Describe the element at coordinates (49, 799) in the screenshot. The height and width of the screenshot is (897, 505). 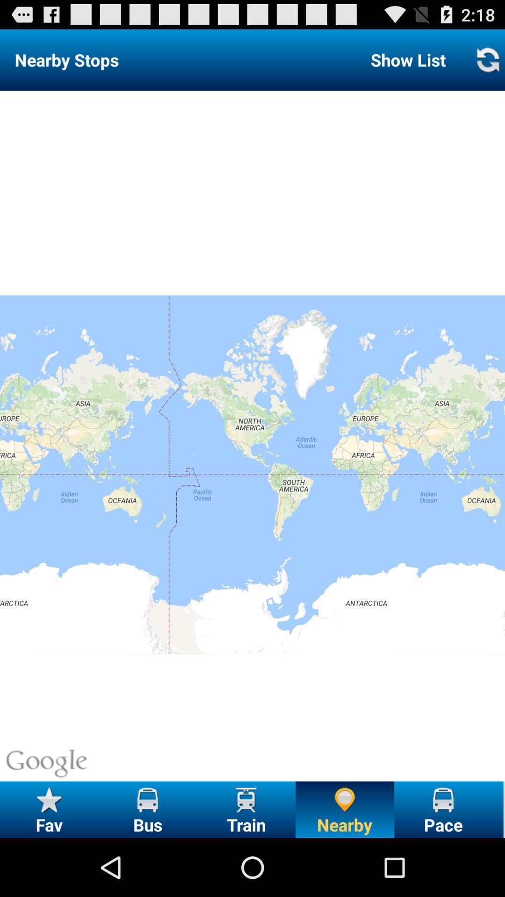
I see `the fav icon` at that location.